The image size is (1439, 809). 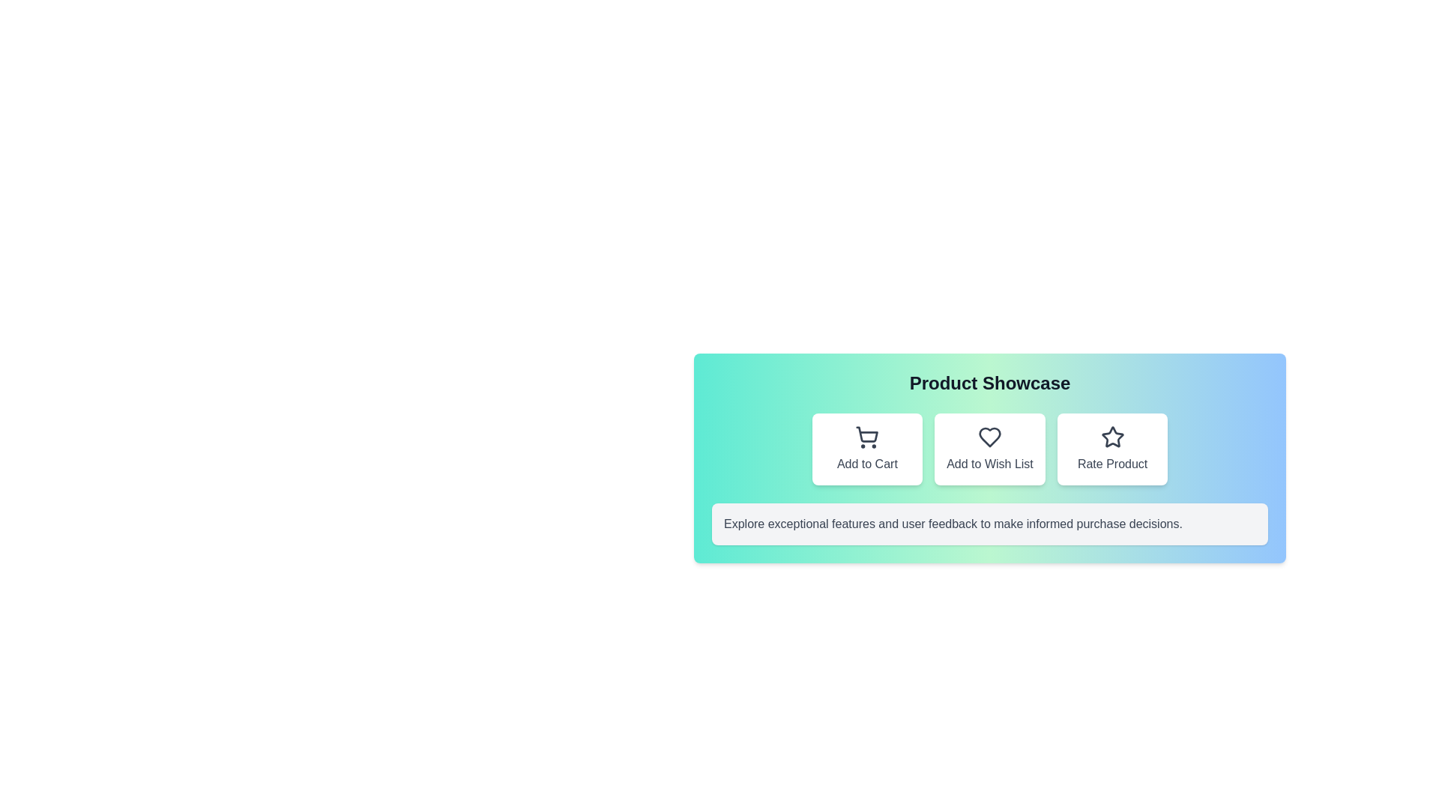 What do you see at coordinates (989, 383) in the screenshot?
I see `the text label that serves as a title or header for the section, positioned at the top of a grouped section above three horizontally arranged buttons` at bounding box center [989, 383].